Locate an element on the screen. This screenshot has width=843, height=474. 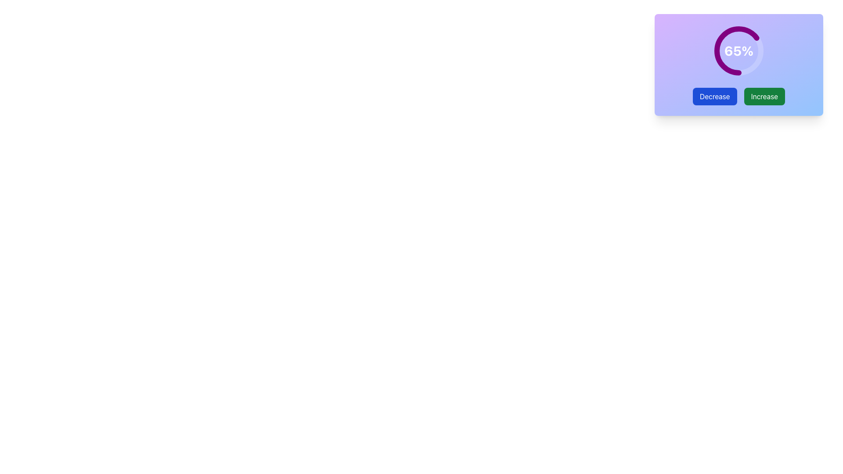
the Circular Graphic element, which is a partially transparent circular outline with a white stroke, located at the center of a larger rectangular component with a gradient background and above the buttons labeled 'Decrease' and 'Increase' is located at coordinates (739, 50).